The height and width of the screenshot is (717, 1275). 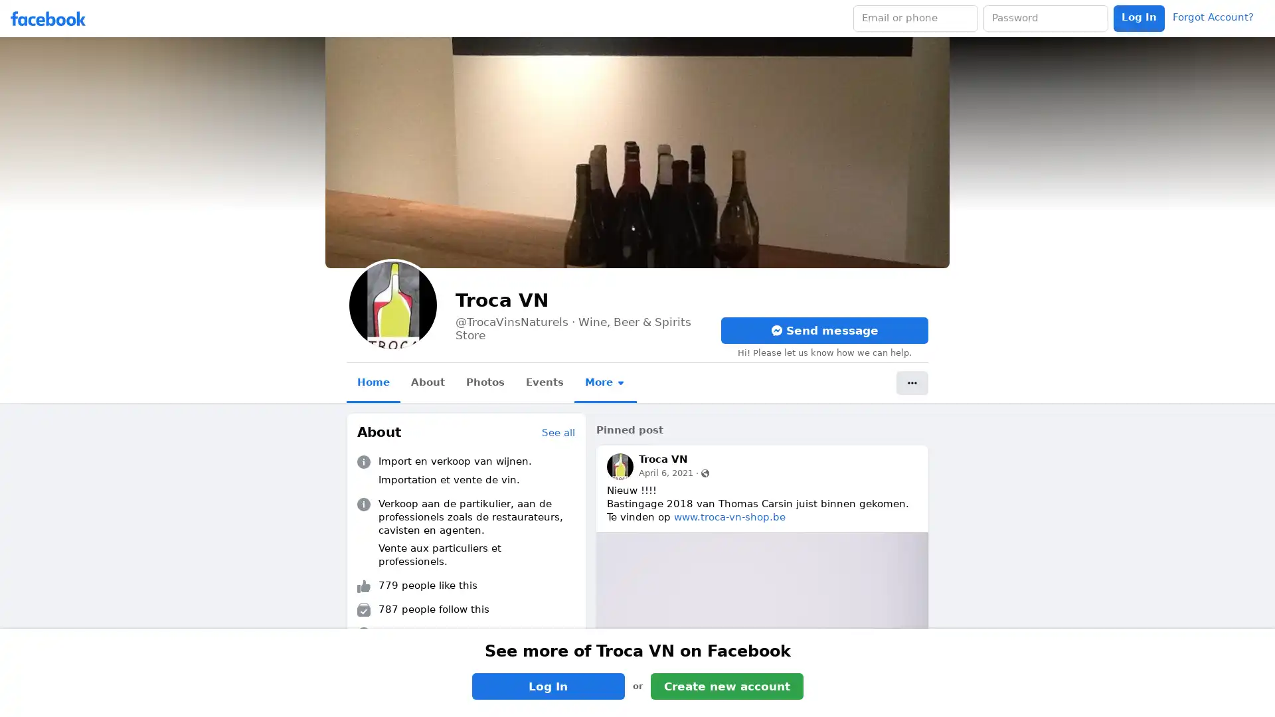 What do you see at coordinates (772, 396) in the screenshot?
I see `OK` at bounding box center [772, 396].